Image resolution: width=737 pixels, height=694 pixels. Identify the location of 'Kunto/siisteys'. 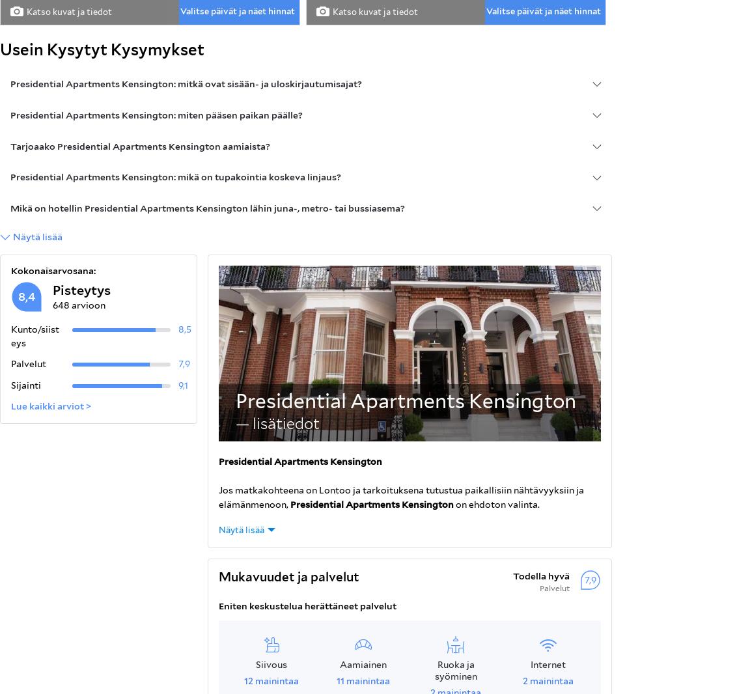
(35, 335).